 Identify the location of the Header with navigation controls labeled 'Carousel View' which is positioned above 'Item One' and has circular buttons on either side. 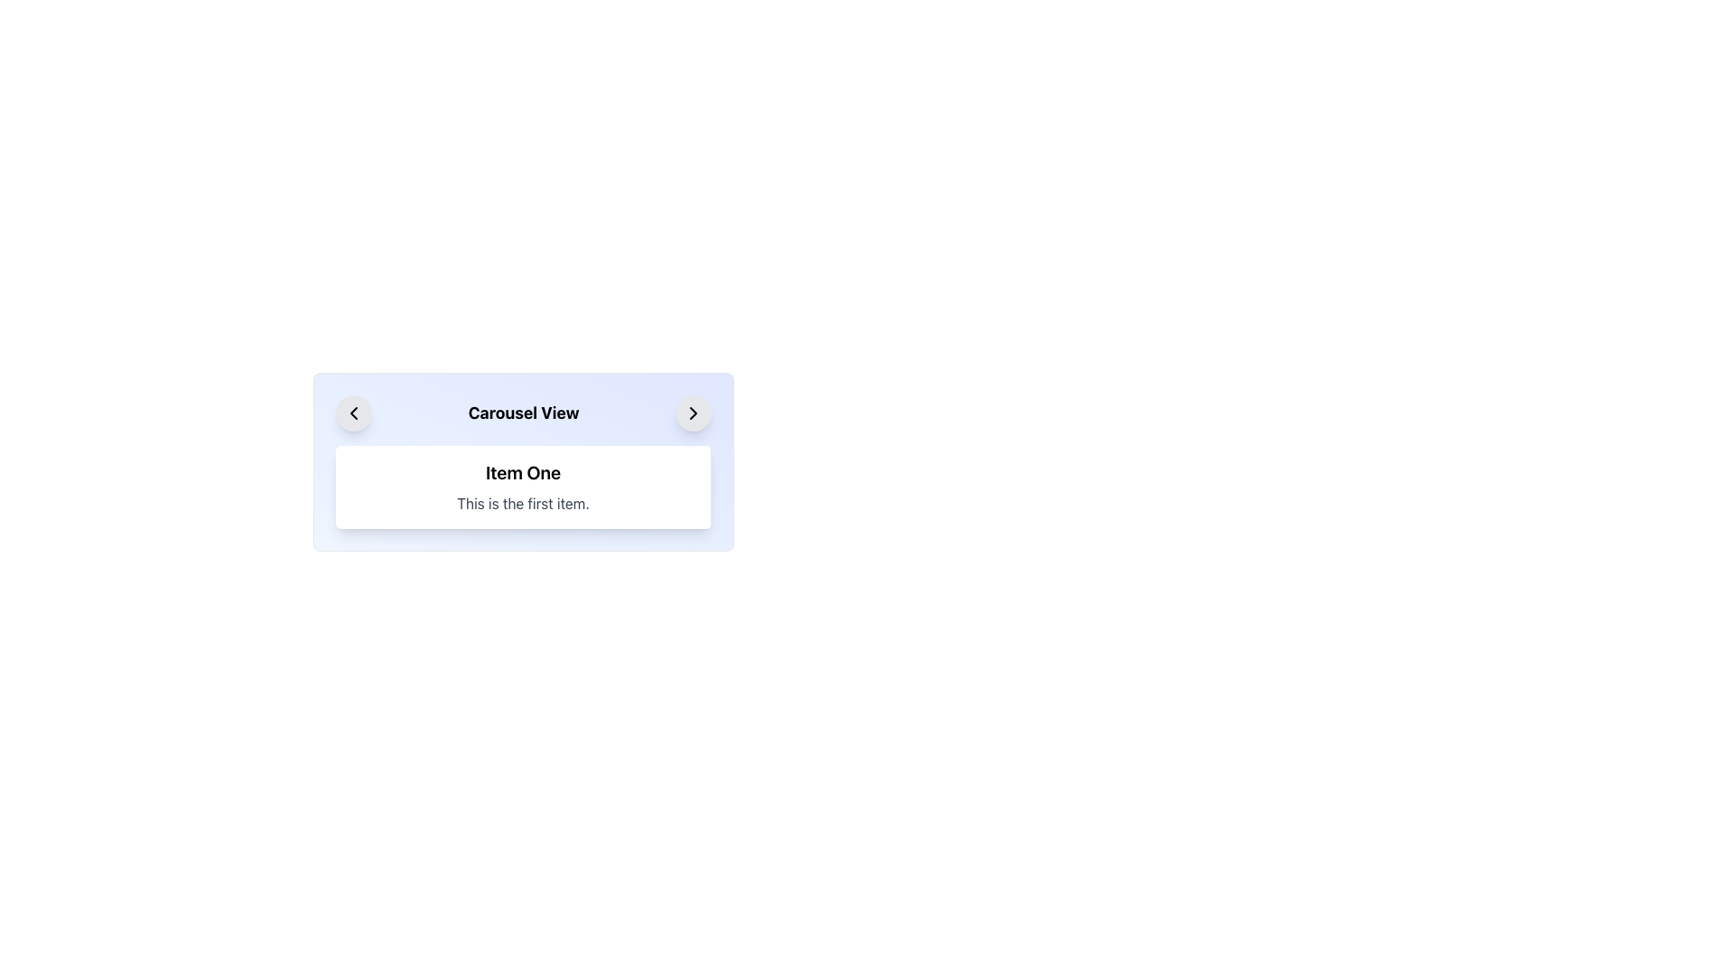
(523, 413).